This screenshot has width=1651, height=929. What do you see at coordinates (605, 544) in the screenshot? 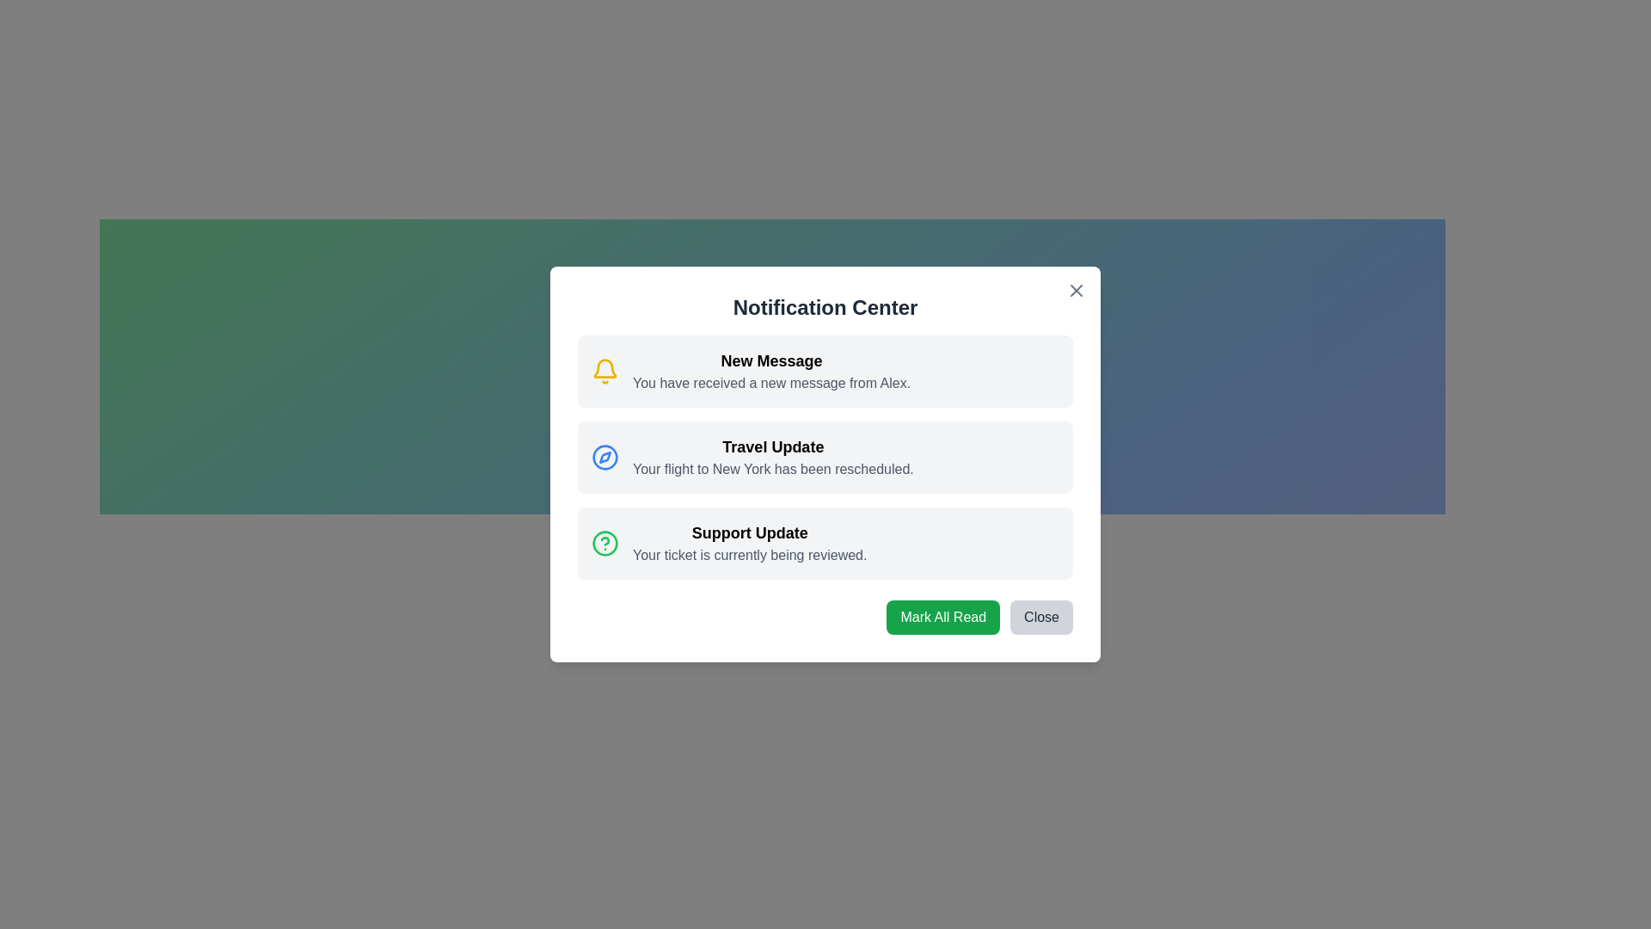
I see `the green circular SVG element located within the third notification item of the 'Notification Center' modal, positioned just above the action buttons` at bounding box center [605, 544].